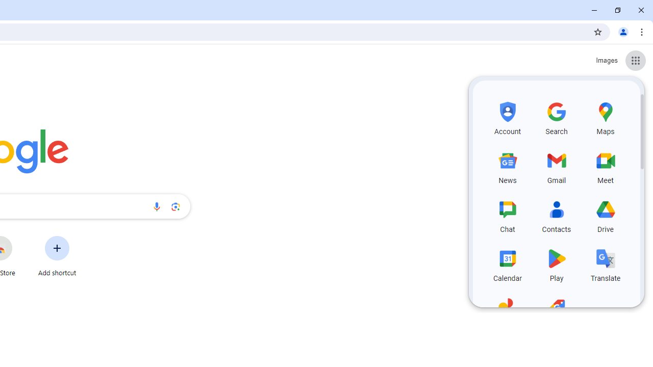 Image resolution: width=653 pixels, height=367 pixels. What do you see at coordinates (508, 165) in the screenshot?
I see `'News, row 2 of 5 and column 1 of 3 in the first section'` at bounding box center [508, 165].